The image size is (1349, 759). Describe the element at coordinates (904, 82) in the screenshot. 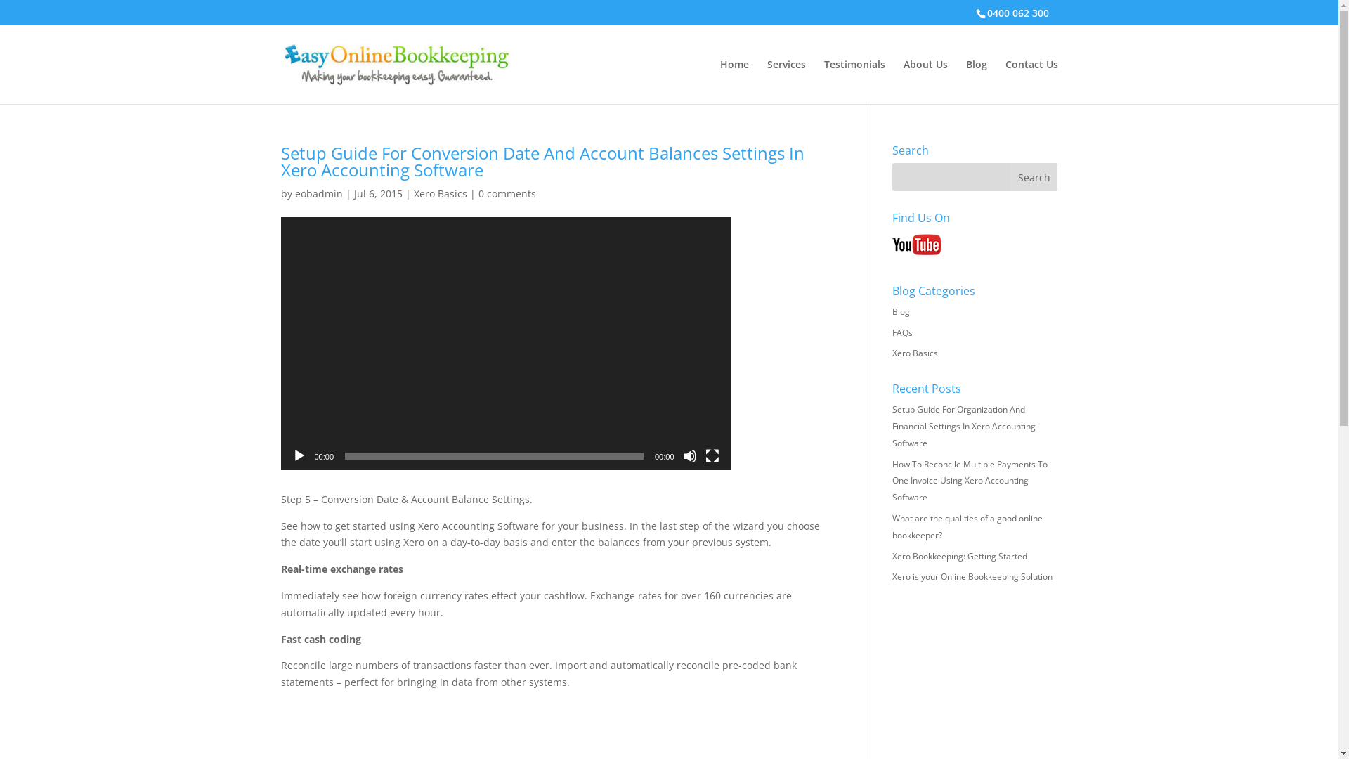

I see `'About Us'` at that location.